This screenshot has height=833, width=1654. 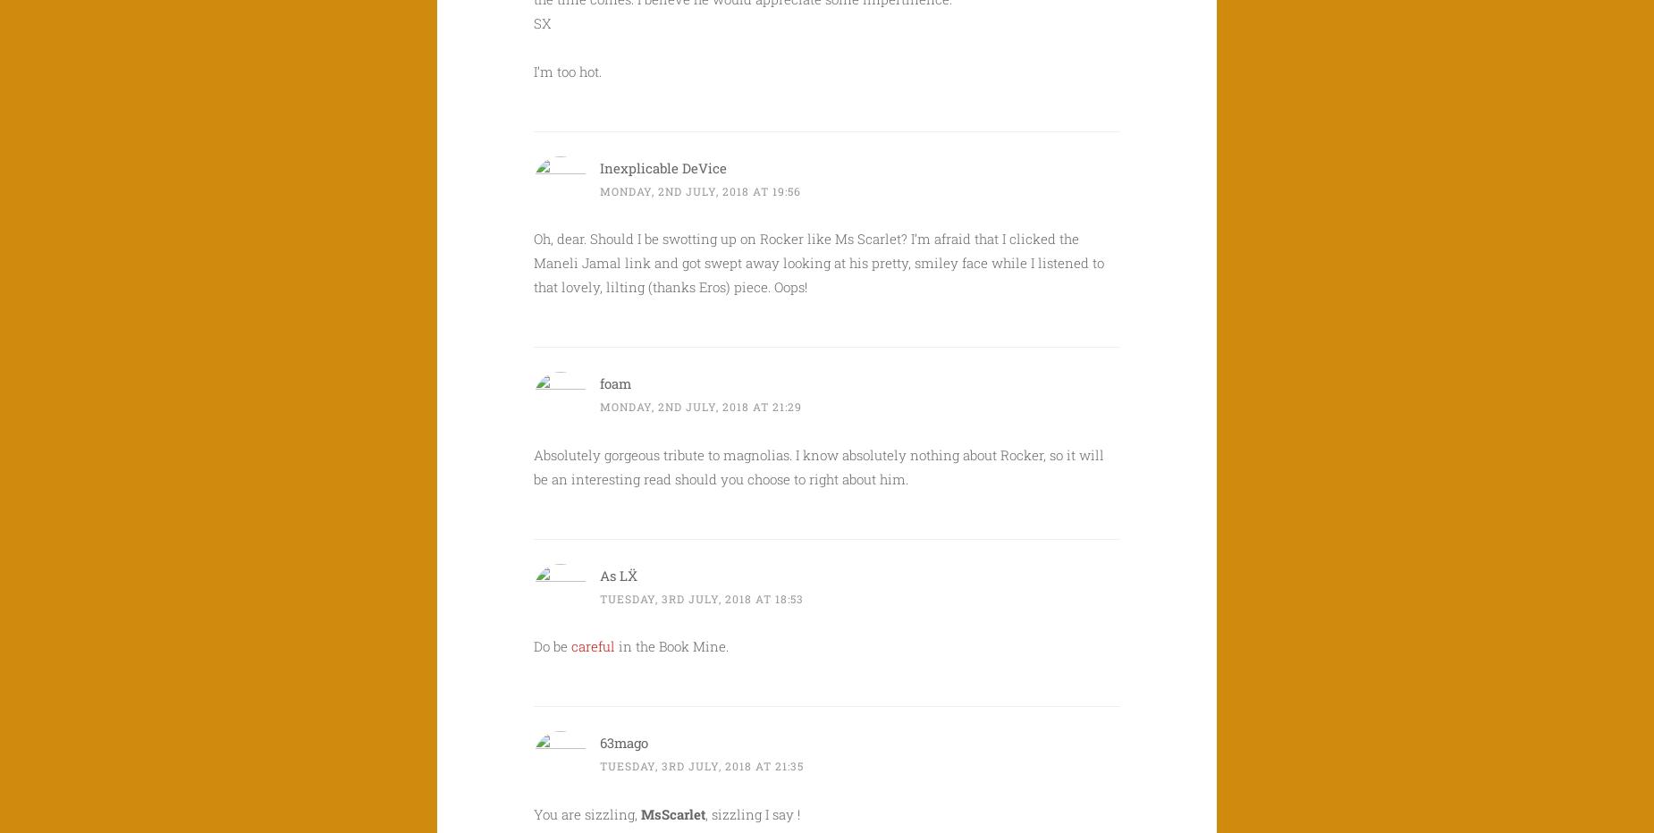 What do you see at coordinates (701, 764) in the screenshot?
I see `'Tuesday, 3rd July, 2018 at 21:35'` at bounding box center [701, 764].